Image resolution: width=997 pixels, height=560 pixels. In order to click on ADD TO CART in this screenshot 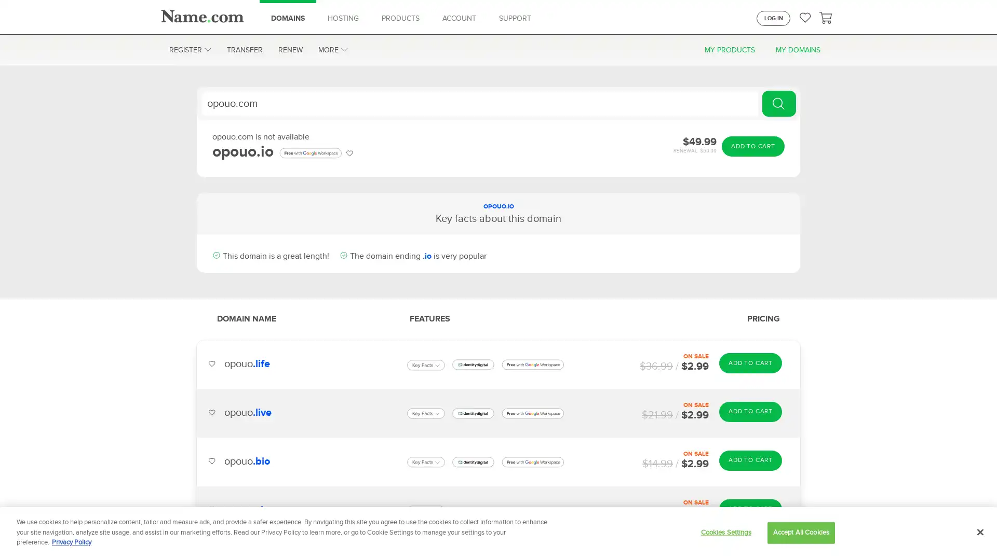, I will do `click(750, 411)`.